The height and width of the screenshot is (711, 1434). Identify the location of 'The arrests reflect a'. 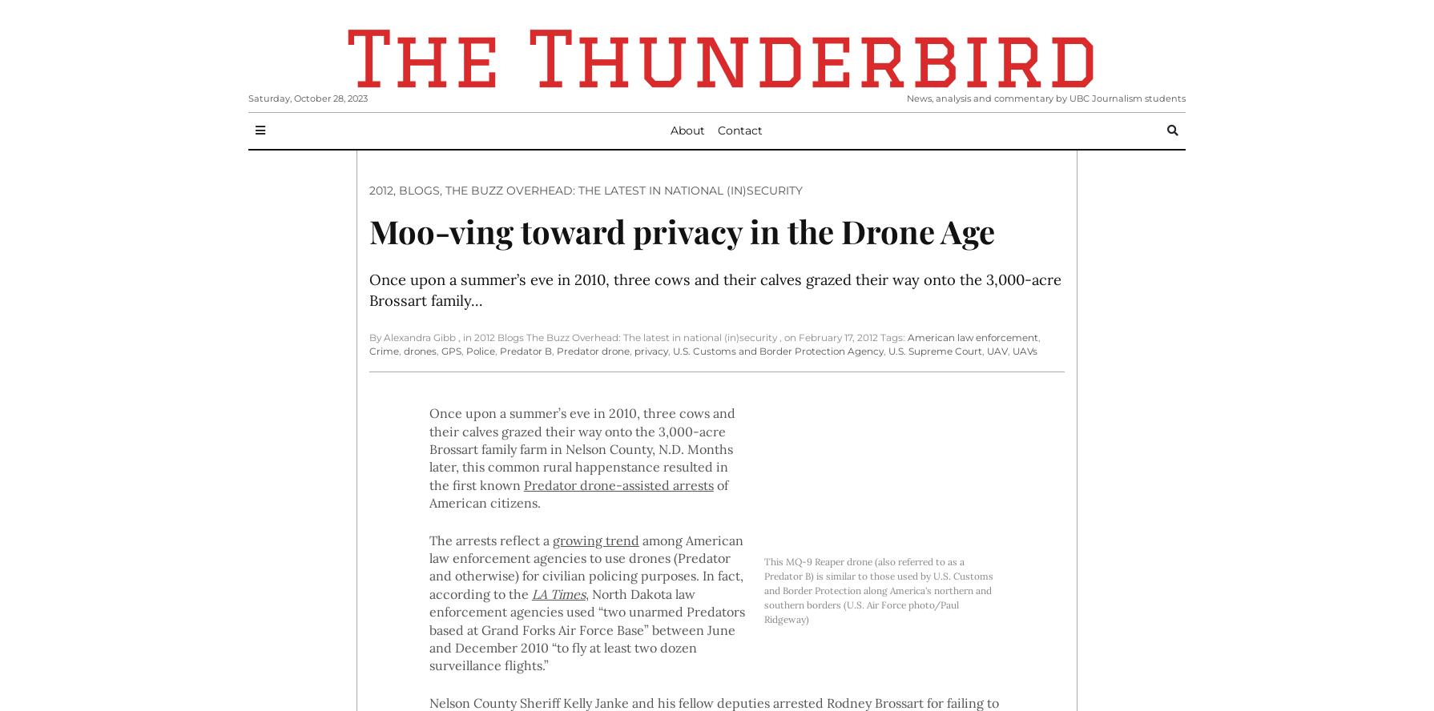
(489, 539).